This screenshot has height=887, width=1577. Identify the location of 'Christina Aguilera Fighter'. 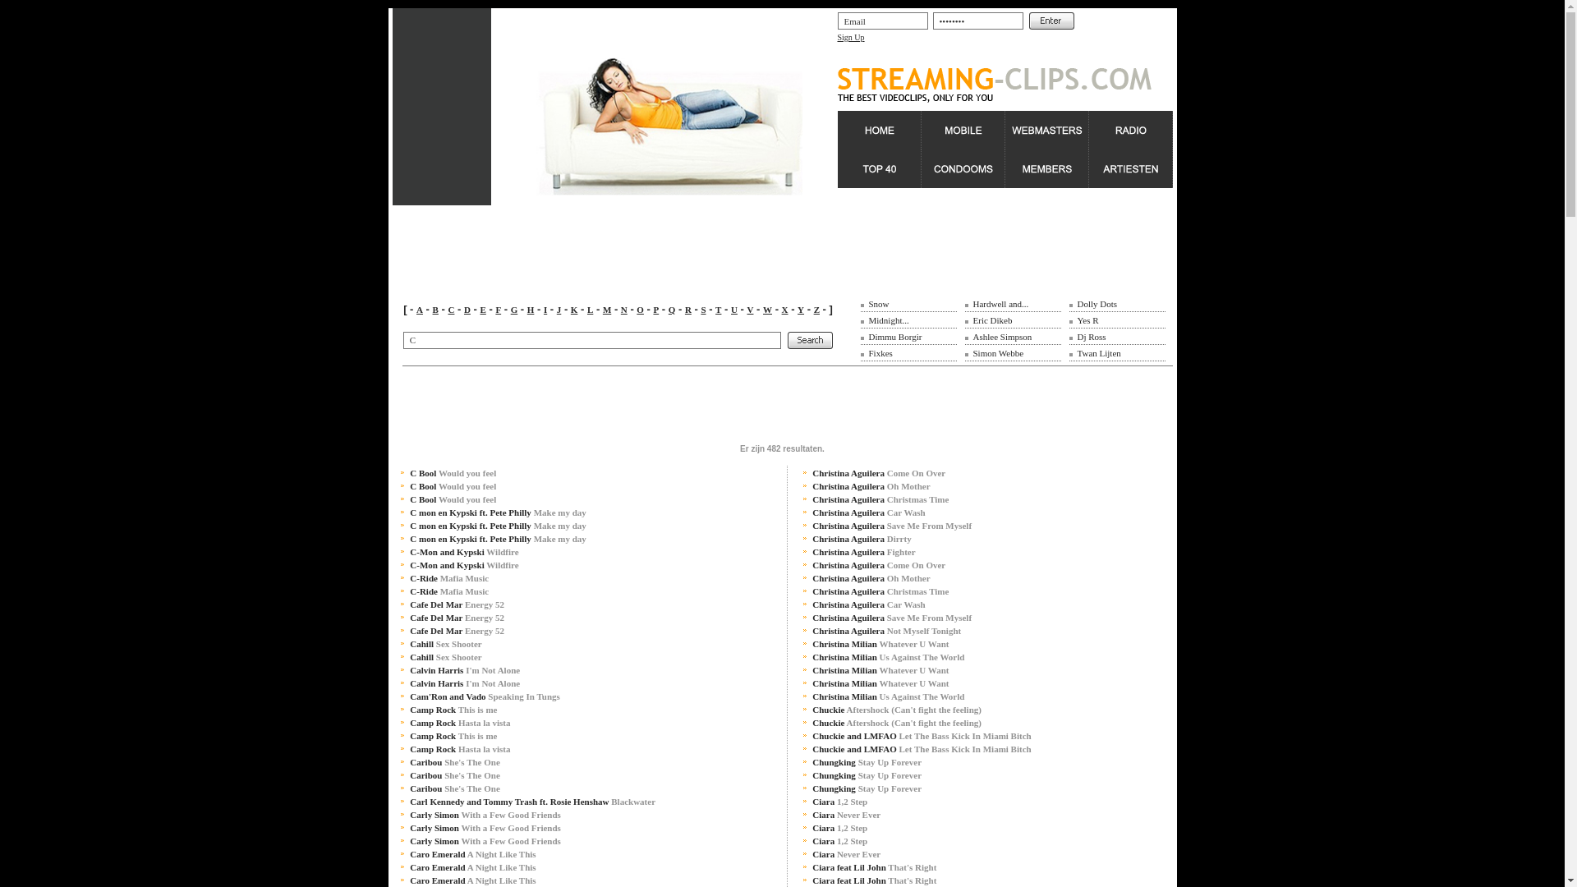
(862, 551).